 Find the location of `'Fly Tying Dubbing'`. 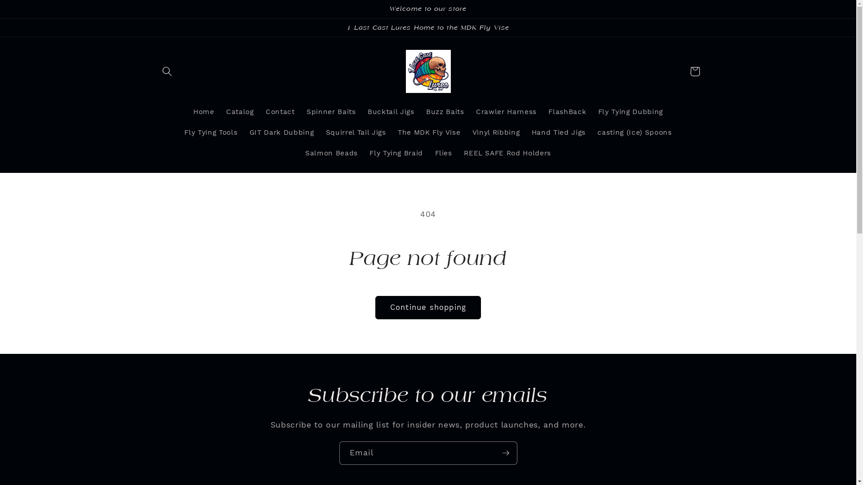

'Fly Tying Dubbing' is located at coordinates (592, 112).